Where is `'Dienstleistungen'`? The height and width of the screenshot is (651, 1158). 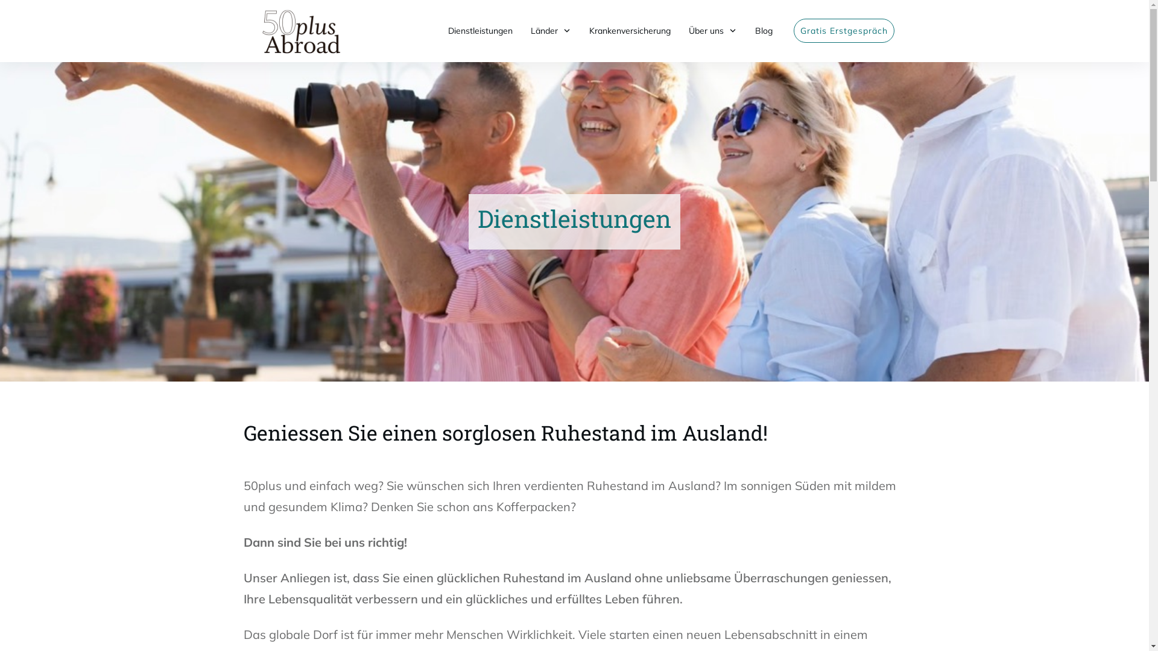
'Dienstleistungen' is located at coordinates (479, 30).